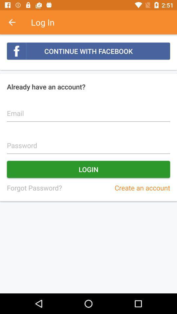 The height and width of the screenshot is (314, 177). I want to click on item above the already have an, so click(88, 51).